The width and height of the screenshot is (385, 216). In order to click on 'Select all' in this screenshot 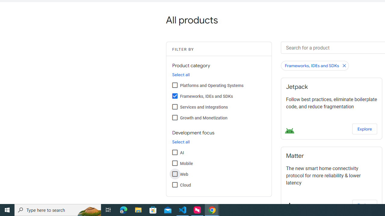, I will do `click(180, 142)`.